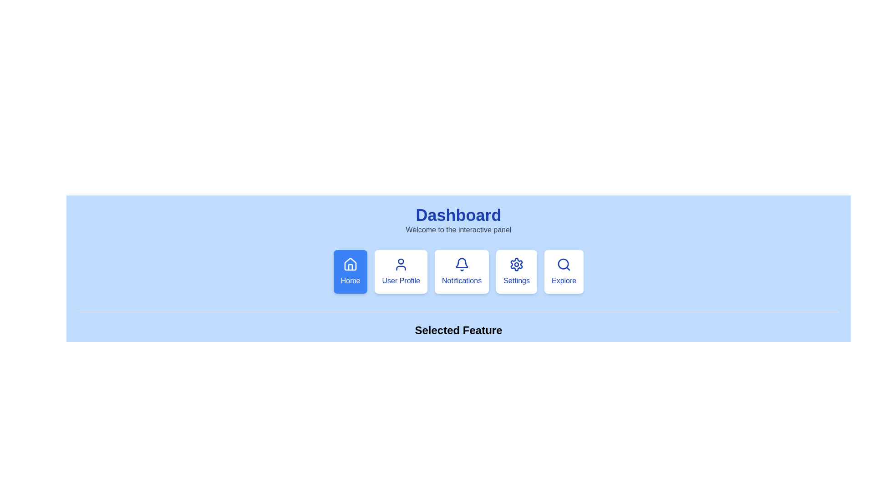 Image resolution: width=874 pixels, height=491 pixels. I want to click on the Circle (SVG component) which represents the user's profile icon located centrally beneath the 'Dashboard' title, so click(401, 261).